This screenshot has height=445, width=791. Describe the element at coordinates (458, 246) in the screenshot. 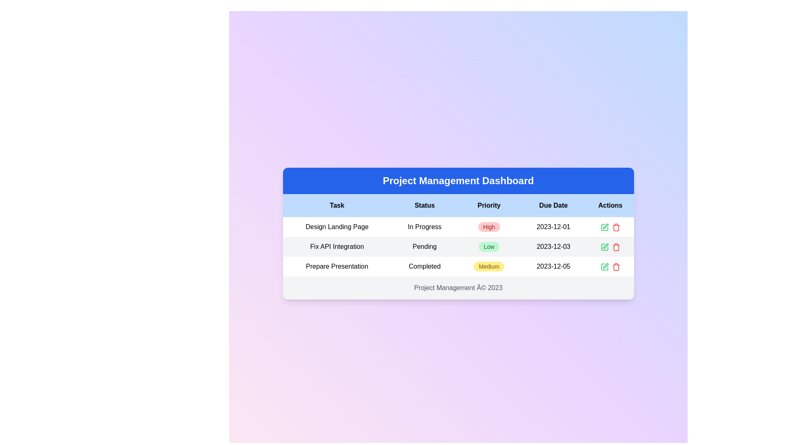

I see `details of the second row in the 'Project Management Dashboard' table containing the task 'Fix API Integration', which has a status of 'Pending', priority 'Low', and due date '2023-12-03'` at that location.